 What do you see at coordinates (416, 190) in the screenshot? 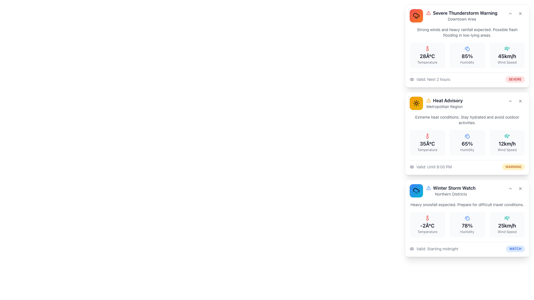
I see `the winter storm conditions SVG icon, which is located at the third position in a vertical list within a winter-themed weather warning card, and is set against a circular blue background gradient` at bounding box center [416, 190].